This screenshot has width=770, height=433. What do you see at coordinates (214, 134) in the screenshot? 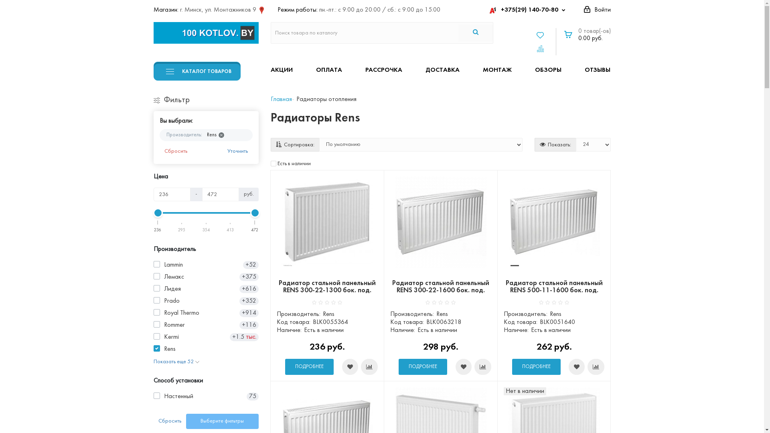
I see `'Rens'` at bounding box center [214, 134].